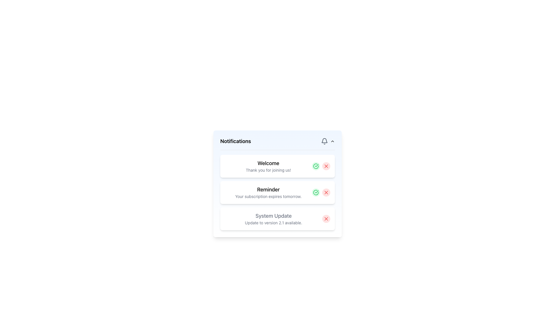 The image size is (550, 309). Describe the element at coordinates (326, 192) in the screenshot. I see `the 'X' dismiss icon located on the right-hand side of the 'Reminder' notification` at that location.